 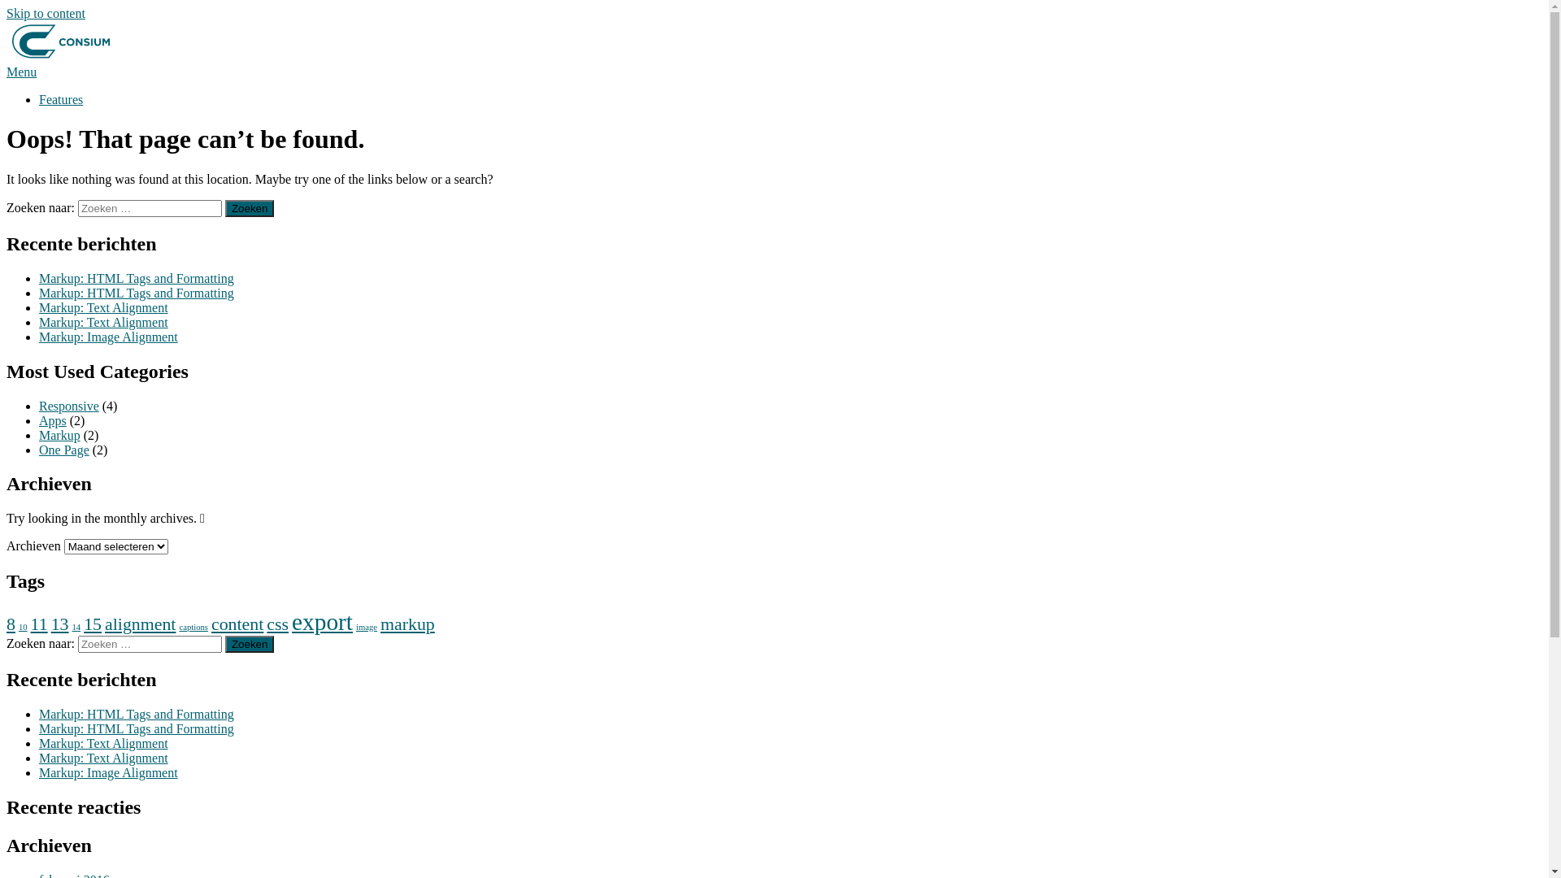 What do you see at coordinates (68, 404) in the screenshot?
I see `'Responsive'` at bounding box center [68, 404].